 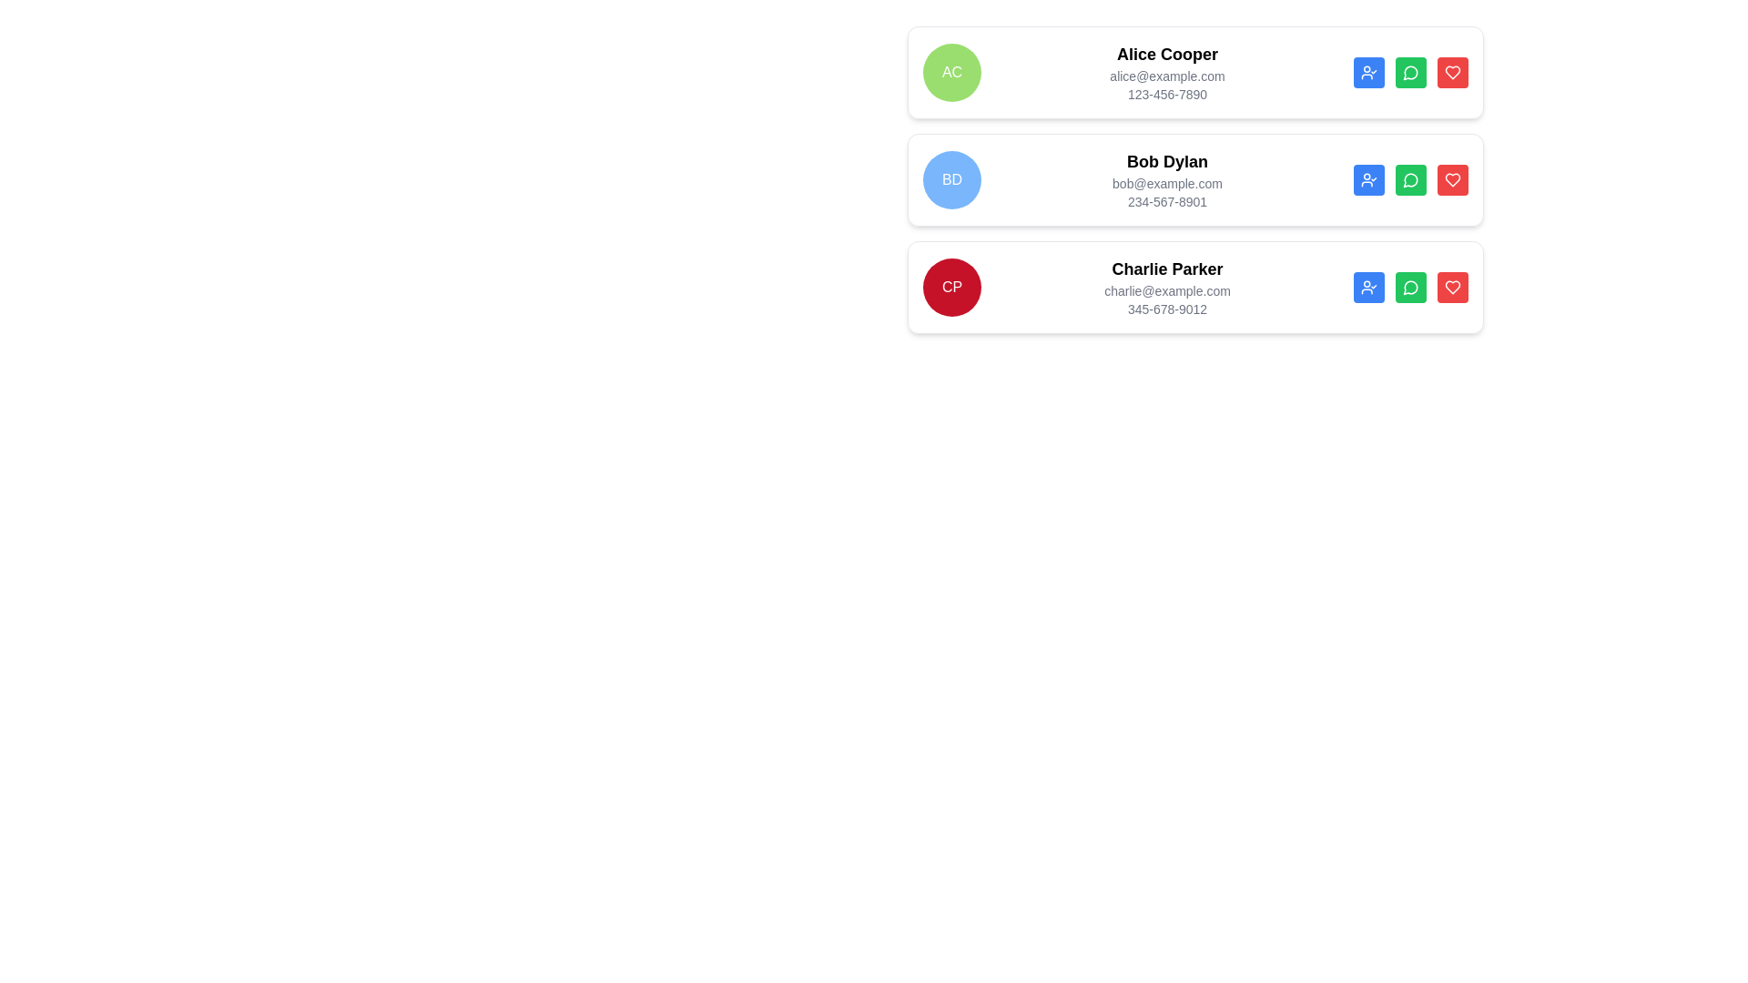 I want to click on the green square button with rounded corners, featuring a white outline of a speech bubble icon, located in the contact card of 'Alice Cooper' to initiate the messaging action, so click(x=1410, y=72).